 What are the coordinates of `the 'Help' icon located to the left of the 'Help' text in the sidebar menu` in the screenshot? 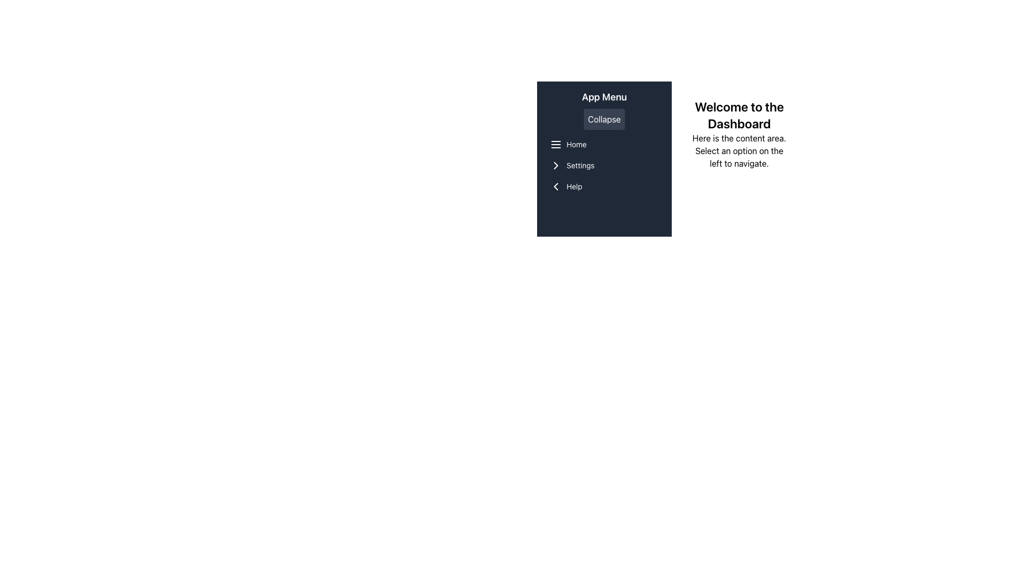 It's located at (555, 186).